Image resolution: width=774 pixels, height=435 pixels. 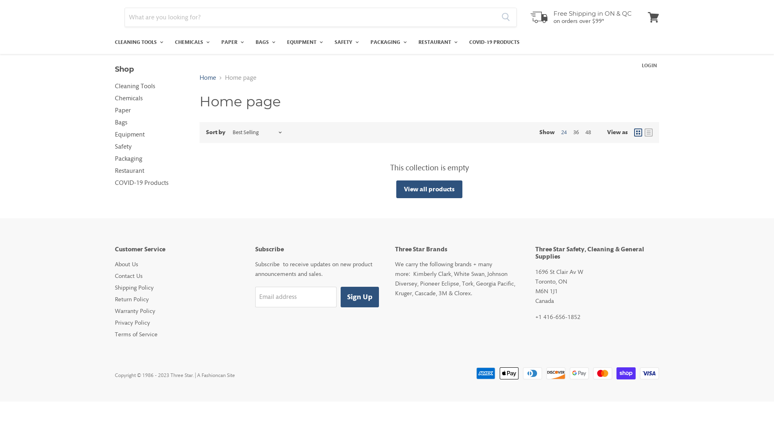 What do you see at coordinates (136, 334) in the screenshot?
I see `'Terms of Service'` at bounding box center [136, 334].